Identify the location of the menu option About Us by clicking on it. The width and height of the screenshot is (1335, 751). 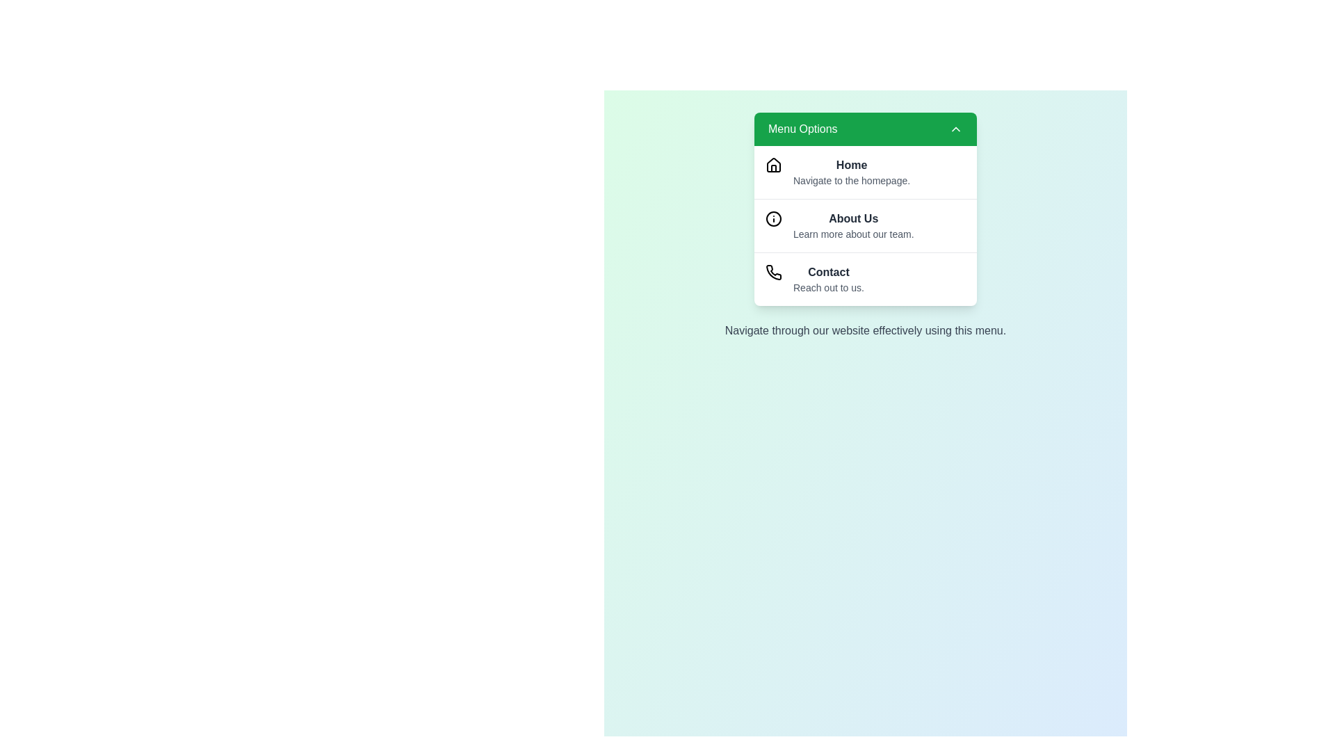
(864, 225).